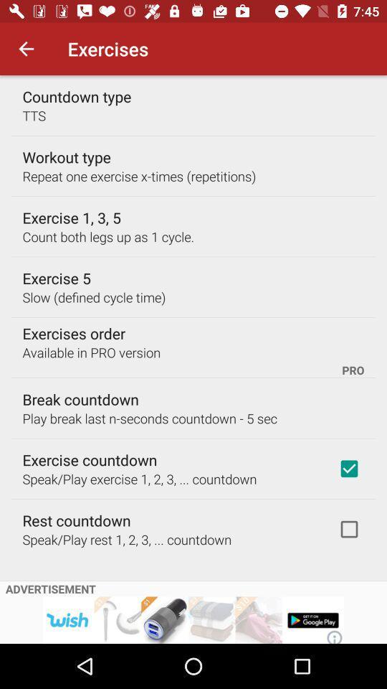  I want to click on check the box, so click(348, 528).